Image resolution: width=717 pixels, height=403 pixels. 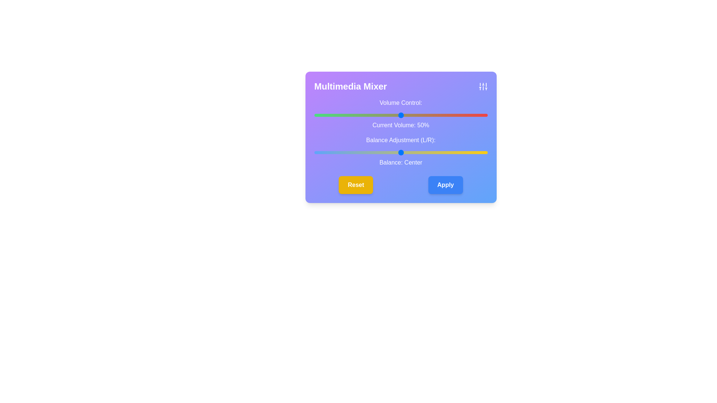 What do you see at coordinates (326, 115) in the screenshot?
I see `the volume slider to set the volume to 7%` at bounding box center [326, 115].